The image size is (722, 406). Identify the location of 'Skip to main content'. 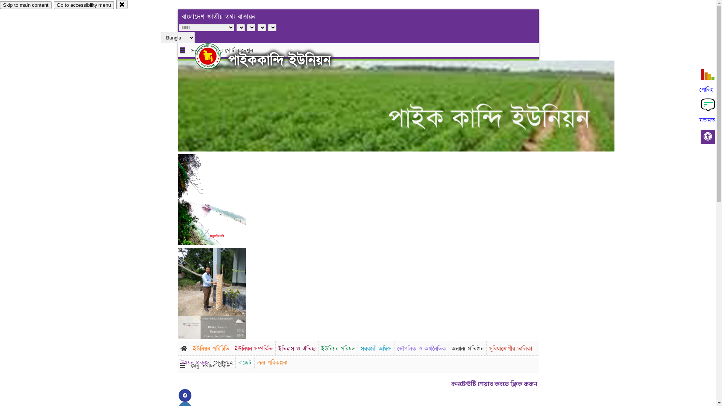
(0, 5).